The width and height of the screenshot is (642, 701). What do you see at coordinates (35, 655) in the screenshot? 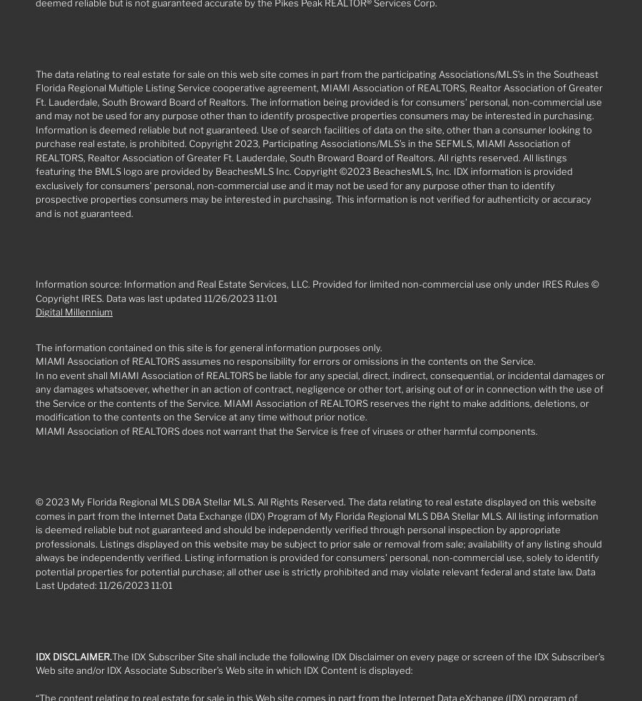
I see `'IDX DISCLAIMER.'` at bounding box center [35, 655].